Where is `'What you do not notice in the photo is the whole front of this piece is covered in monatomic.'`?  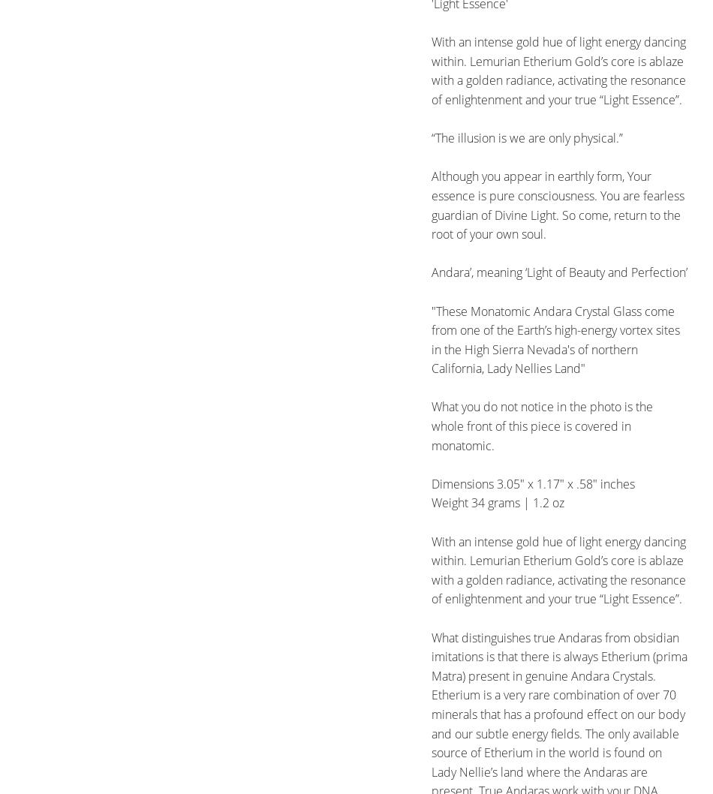 'What you do not notice in the photo is the whole front of this piece is covered in monatomic.' is located at coordinates (541, 426).